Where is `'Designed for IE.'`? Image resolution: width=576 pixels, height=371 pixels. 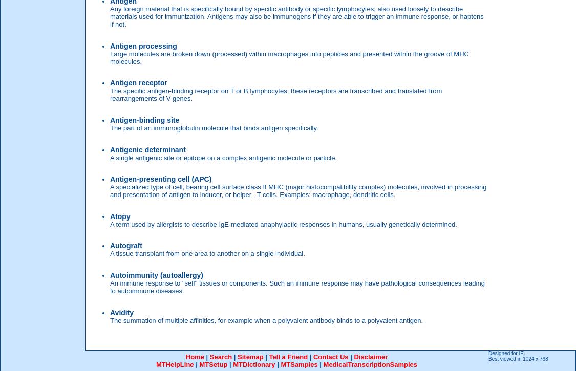 'Designed for IE.' is located at coordinates (506, 352).